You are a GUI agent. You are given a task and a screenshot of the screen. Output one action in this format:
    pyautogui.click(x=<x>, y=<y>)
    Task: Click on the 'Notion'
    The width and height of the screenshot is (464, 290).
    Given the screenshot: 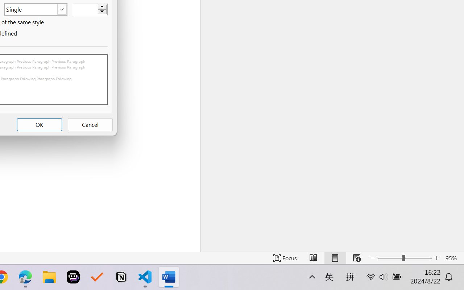 What is the action you would take?
    pyautogui.click(x=121, y=277)
    